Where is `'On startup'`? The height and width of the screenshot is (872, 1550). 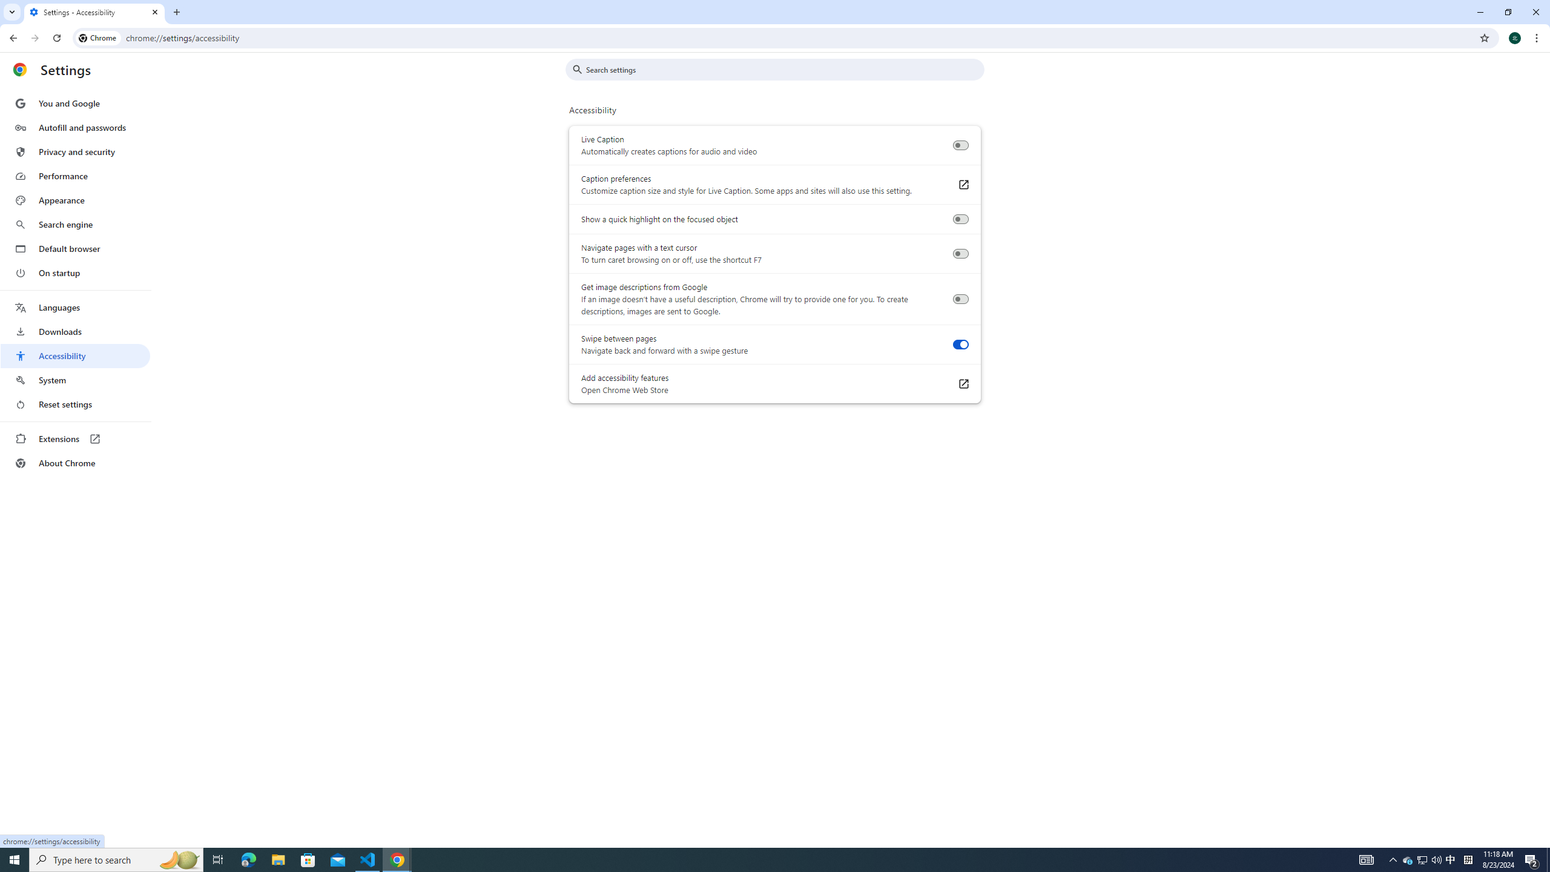
'On startup' is located at coordinates (74, 272).